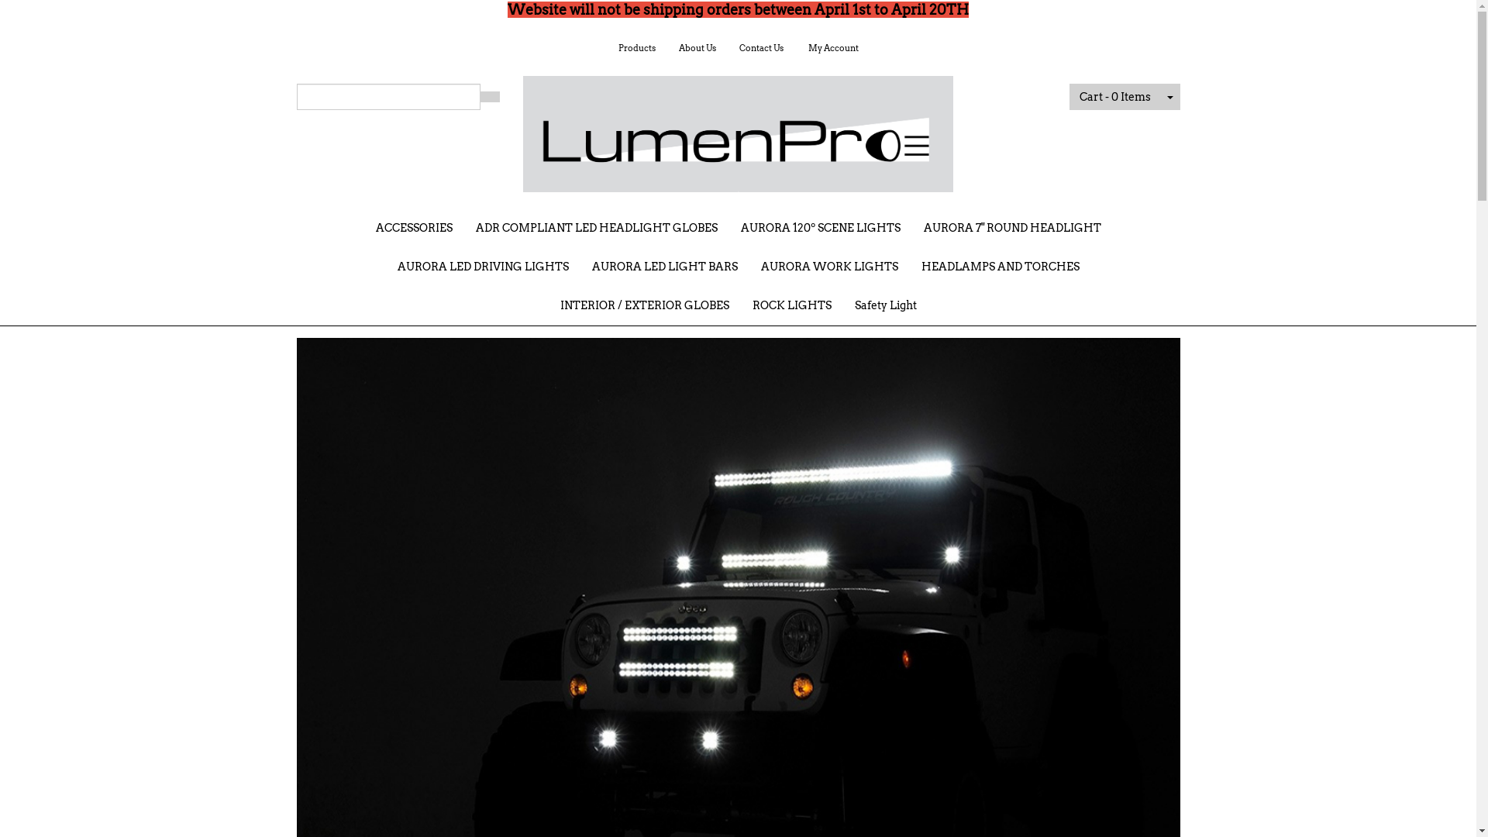 Image resolution: width=1488 pixels, height=837 pixels. What do you see at coordinates (635, 46) in the screenshot?
I see `'Products'` at bounding box center [635, 46].